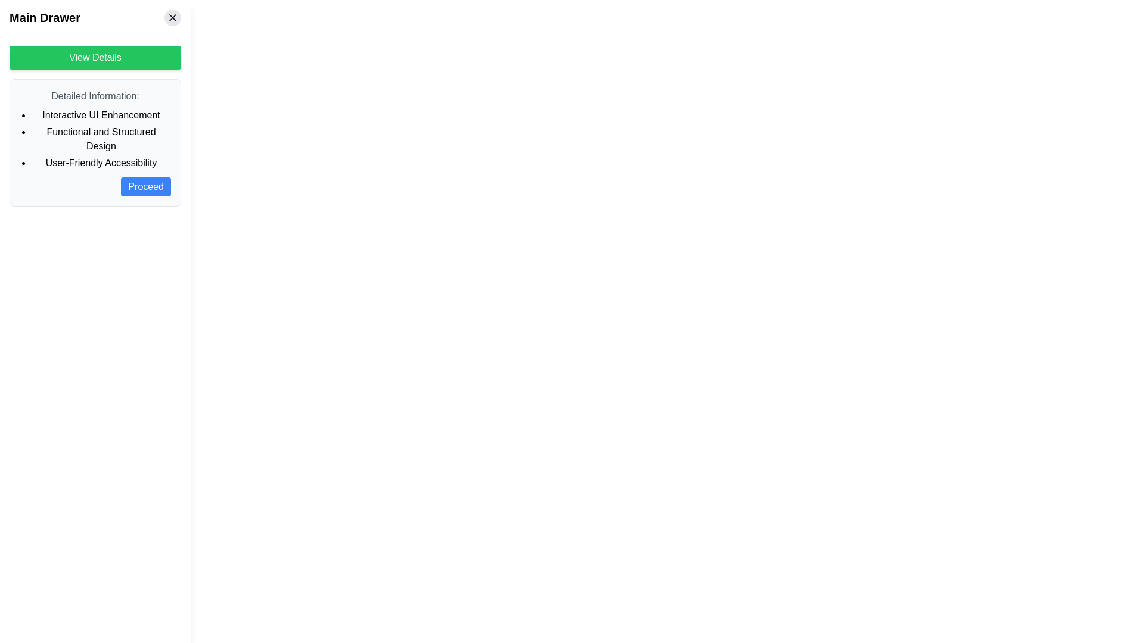  What do you see at coordinates (172, 18) in the screenshot?
I see `the 'X' icon with a thin border located at the top-right corner of the gray button` at bounding box center [172, 18].